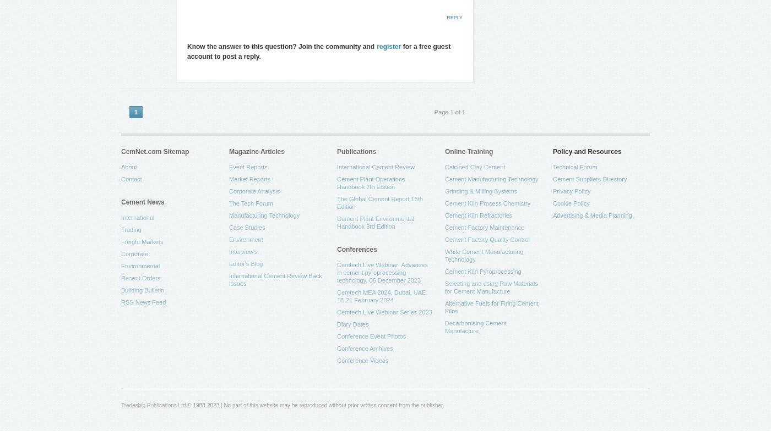  Describe the element at coordinates (120, 290) in the screenshot. I see `'Building Bulletin'` at that location.